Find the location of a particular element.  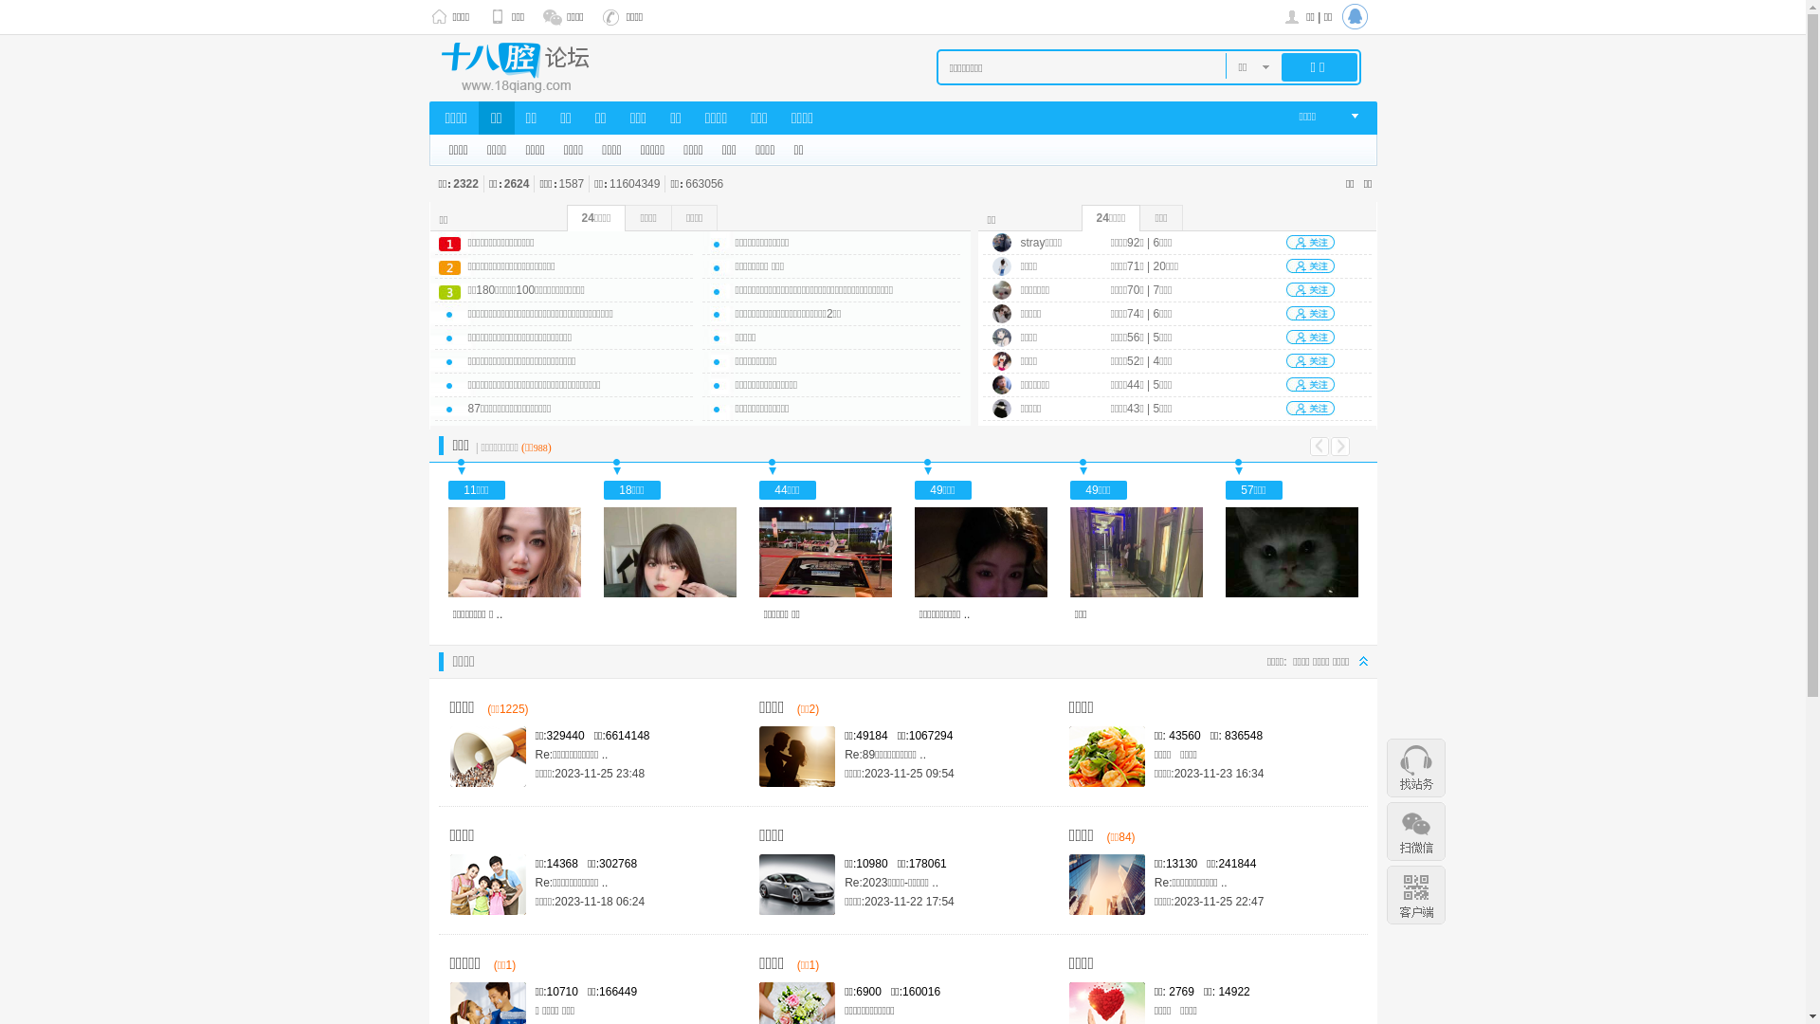

'2322' is located at coordinates (465, 183).